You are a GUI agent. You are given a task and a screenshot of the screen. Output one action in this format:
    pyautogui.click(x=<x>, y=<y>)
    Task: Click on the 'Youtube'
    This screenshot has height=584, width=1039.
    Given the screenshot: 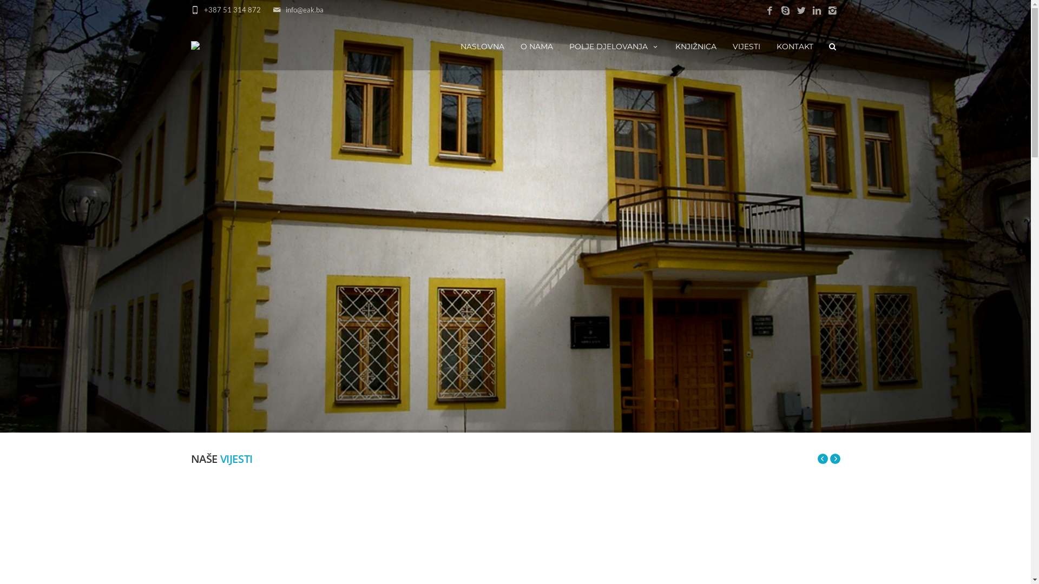 What is the action you would take?
    pyautogui.click(x=826, y=564)
    